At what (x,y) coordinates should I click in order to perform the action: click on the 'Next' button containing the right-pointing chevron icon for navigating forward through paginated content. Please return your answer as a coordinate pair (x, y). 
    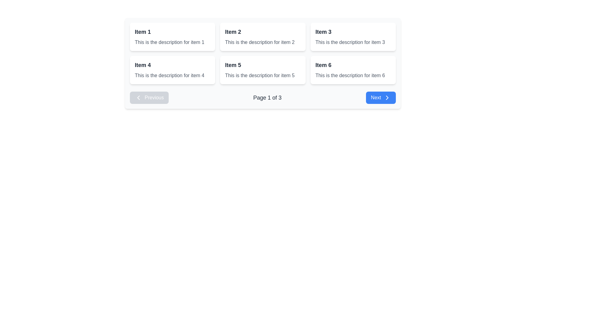
    Looking at the image, I should click on (387, 97).